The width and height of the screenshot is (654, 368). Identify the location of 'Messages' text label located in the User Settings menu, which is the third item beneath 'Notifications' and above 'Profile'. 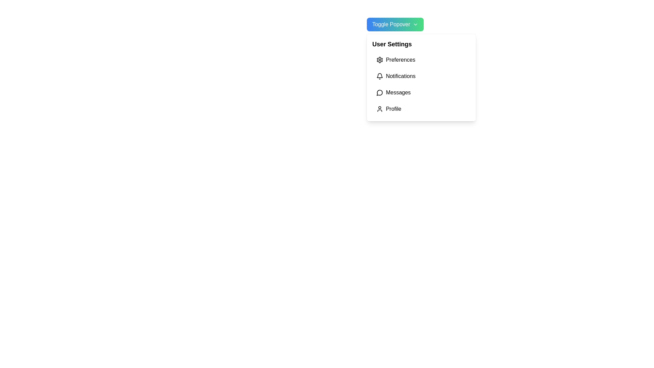
(398, 93).